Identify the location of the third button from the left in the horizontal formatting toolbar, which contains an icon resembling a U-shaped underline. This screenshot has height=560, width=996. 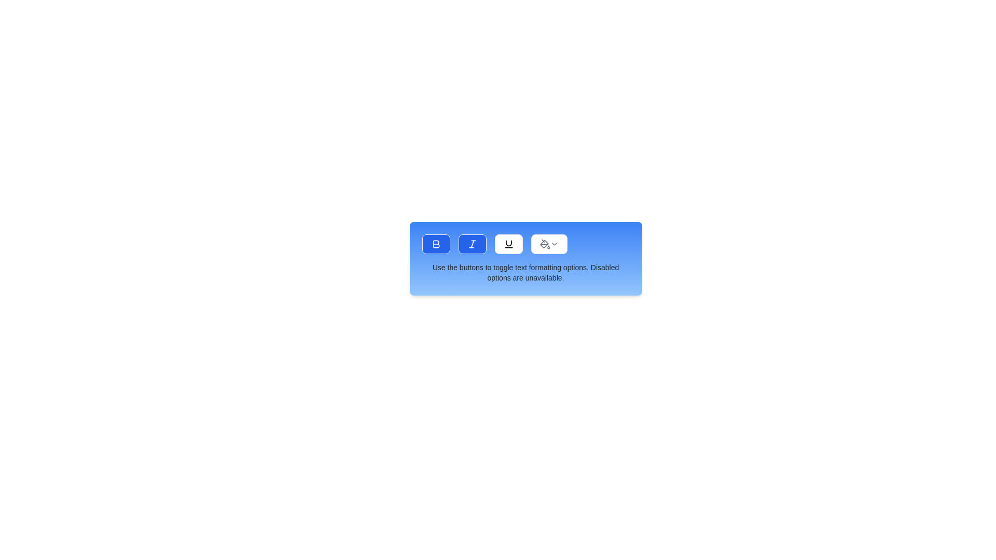
(508, 243).